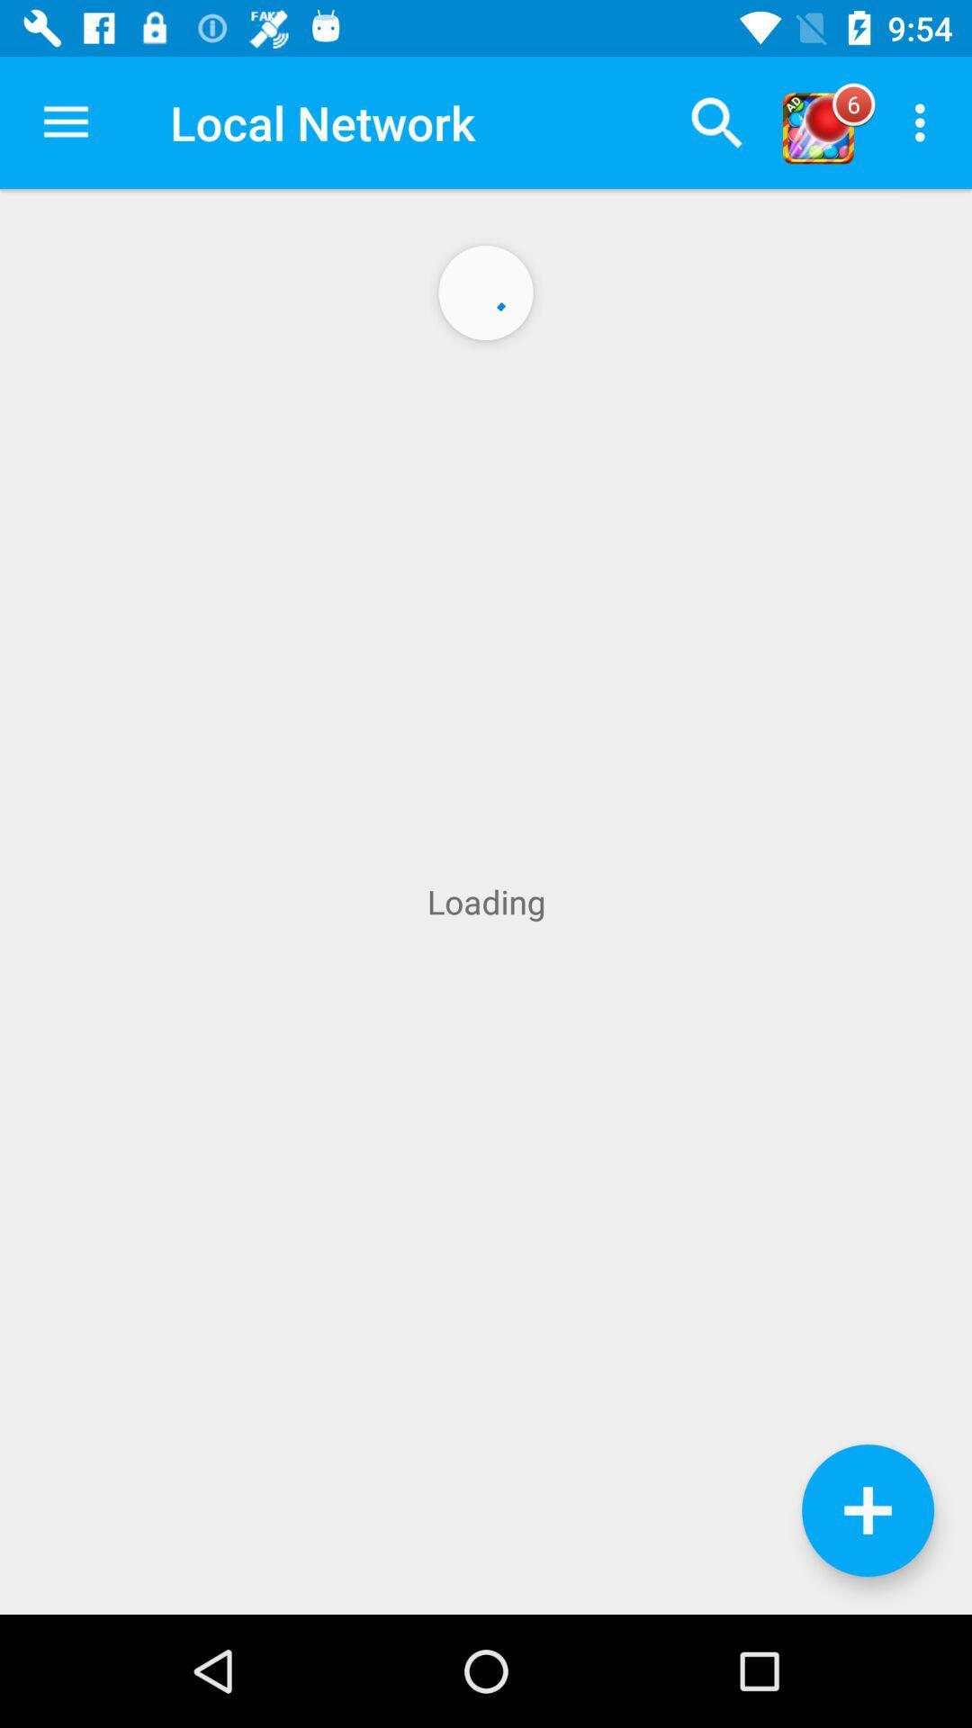  What do you see at coordinates (715, 121) in the screenshot?
I see `the icon above loading item` at bounding box center [715, 121].